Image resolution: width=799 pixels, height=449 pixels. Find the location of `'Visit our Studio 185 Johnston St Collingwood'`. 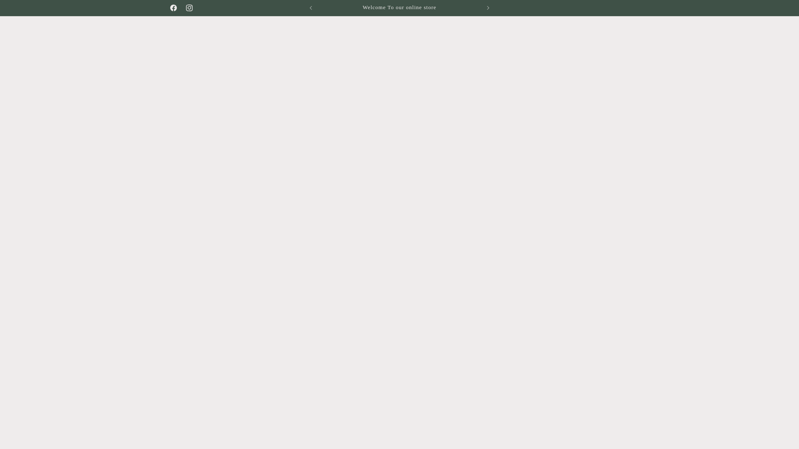

'Visit our Studio 185 Johnston St Collingwood' is located at coordinates (566, 8).